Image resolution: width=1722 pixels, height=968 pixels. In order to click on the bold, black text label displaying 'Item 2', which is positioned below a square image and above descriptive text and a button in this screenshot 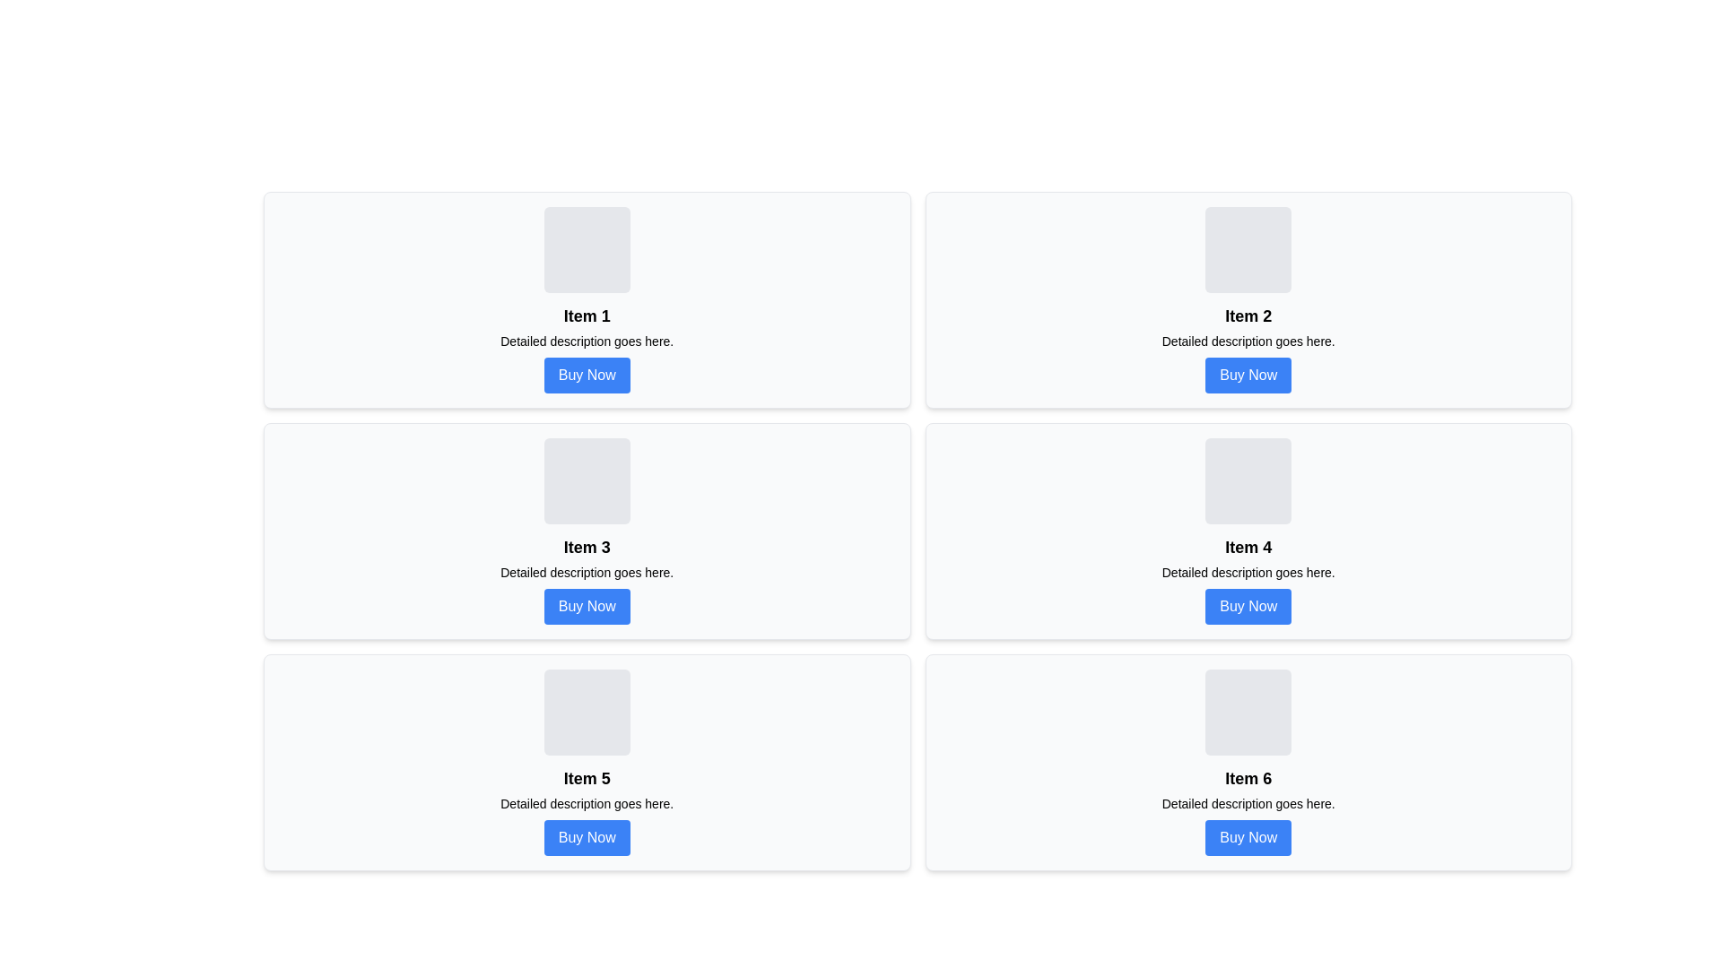, I will do `click(1248, 315)`.